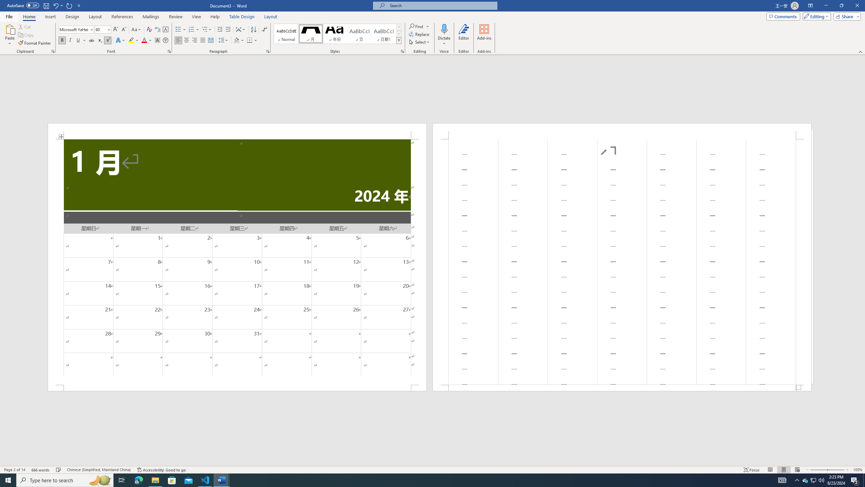  What do you see at coordinates (136, 29) in the screenshot?
I see `'Change Case'` at bounding box center [136, 29].